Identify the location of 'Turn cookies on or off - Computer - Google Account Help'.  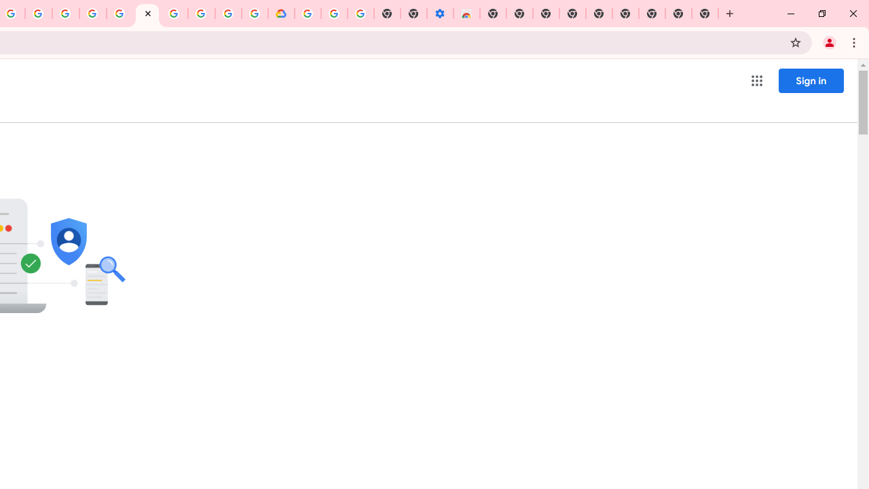
(360, 14).